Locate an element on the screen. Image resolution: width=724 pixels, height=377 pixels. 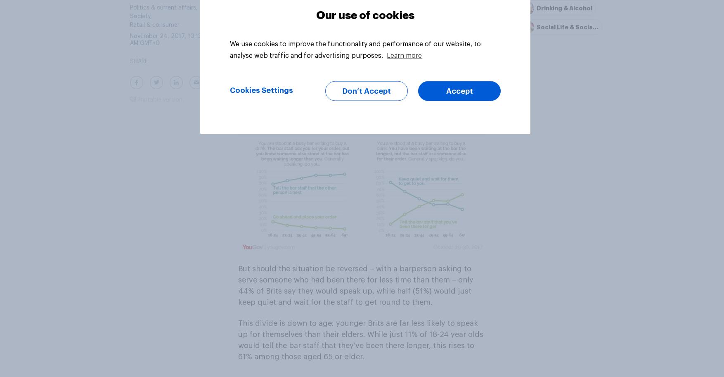
'Social Life & Socializing' is located at coordinates (537, 27).